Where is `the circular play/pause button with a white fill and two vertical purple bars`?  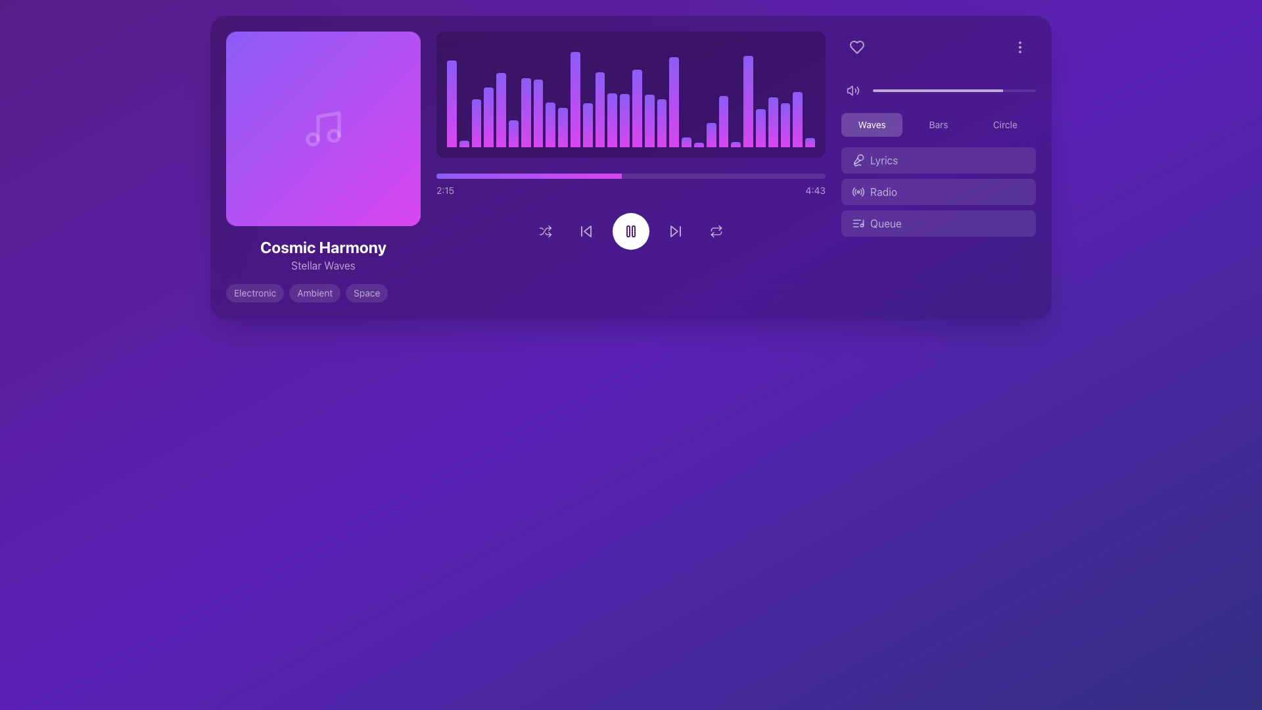
the circular play/pause button with a white fill and two vertical purple bars is located at coordinates (631, 230).